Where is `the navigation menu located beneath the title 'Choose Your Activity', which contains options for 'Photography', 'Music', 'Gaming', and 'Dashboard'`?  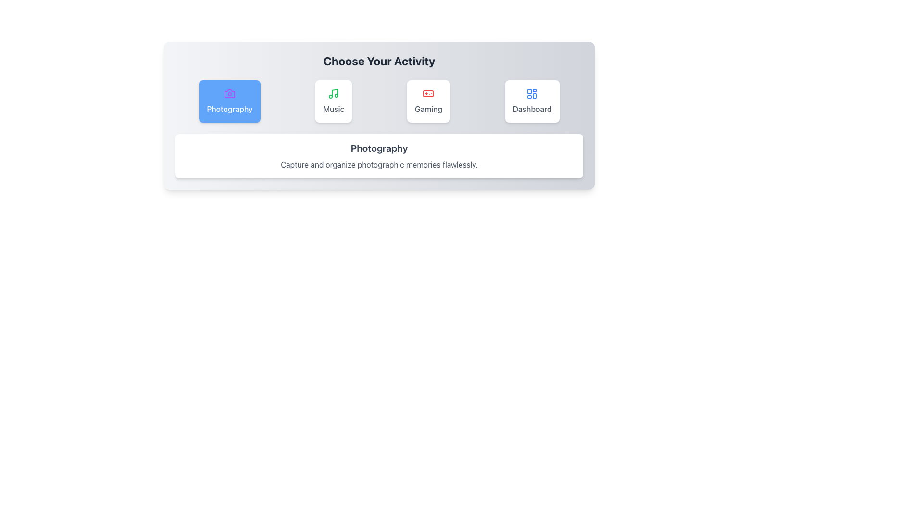
the navigation menu located beneath the title 'Choose Your Activity', which contains options for 'Photography', 'Music', 'Gaming', and 'Dashboard' is located at coordinates (378, 101).